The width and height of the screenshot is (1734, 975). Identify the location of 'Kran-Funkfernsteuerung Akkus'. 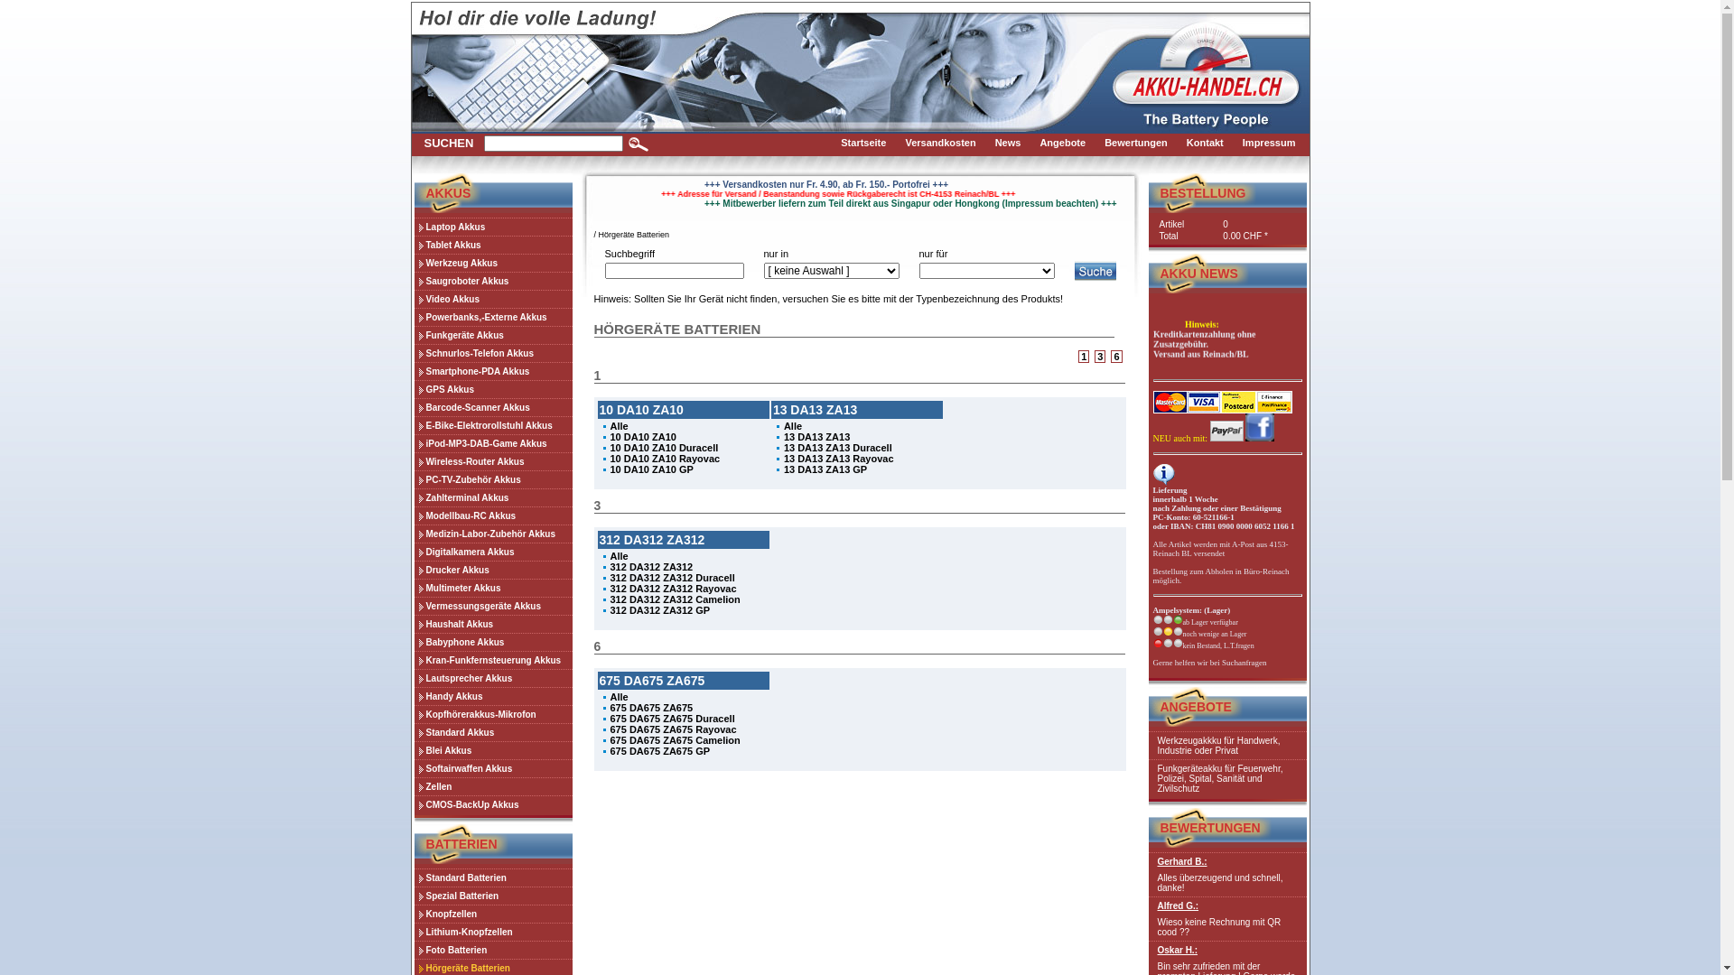
(492, 660).